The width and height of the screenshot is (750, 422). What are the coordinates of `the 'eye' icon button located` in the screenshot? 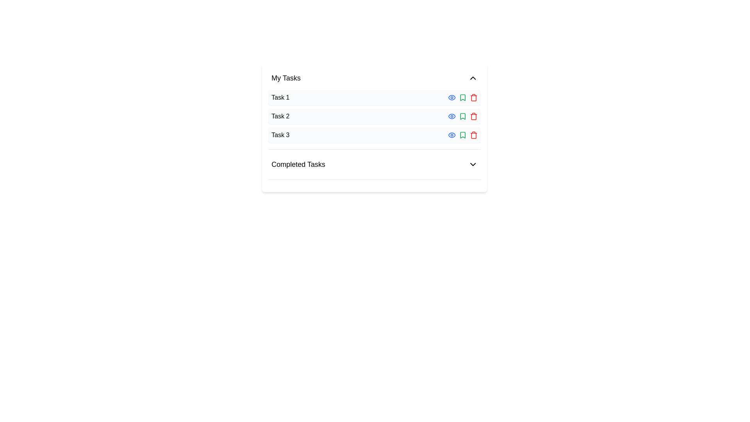 It's located at (452, 116).